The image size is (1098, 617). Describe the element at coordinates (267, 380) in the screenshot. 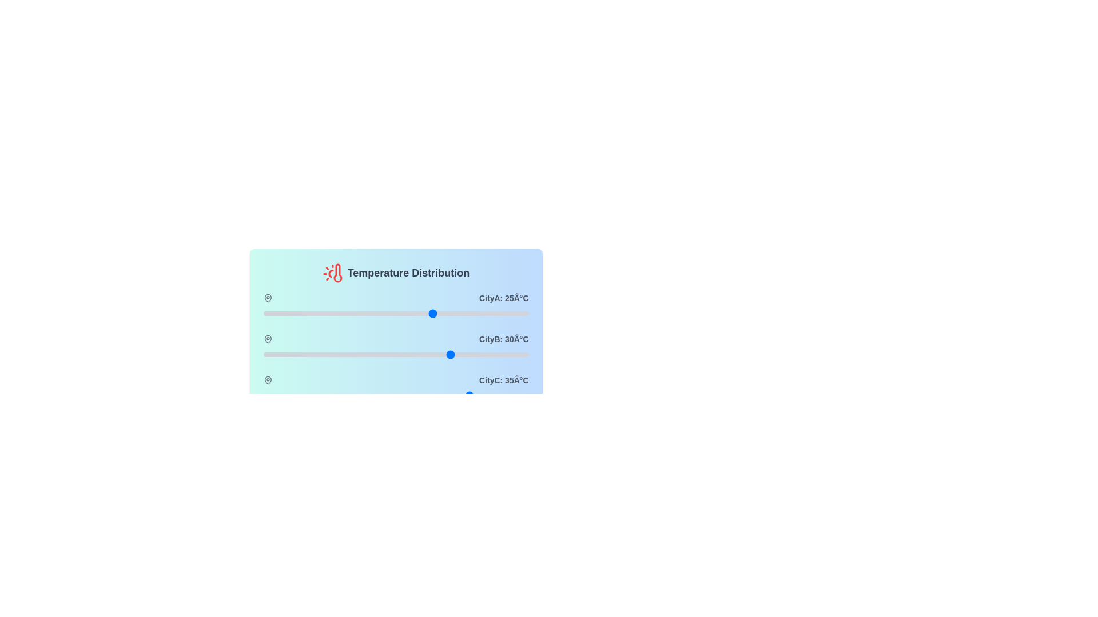

I see `the map pin icon for CityC` at that location.